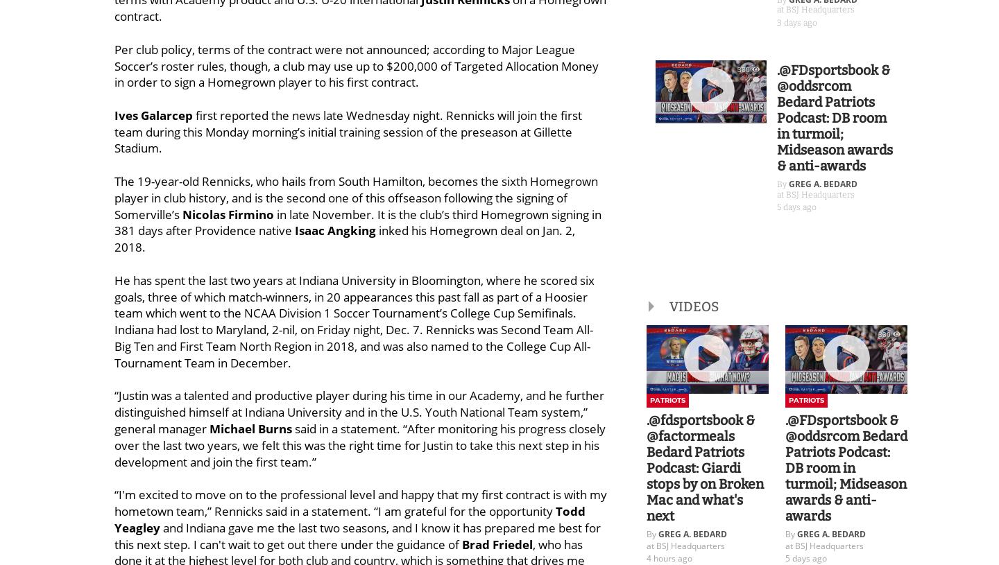 The height and width of the screenshot is (565, 999). Describe the element at coordinates (668, 558) in the screenshot. I see `'4 hours ago'` at that location.